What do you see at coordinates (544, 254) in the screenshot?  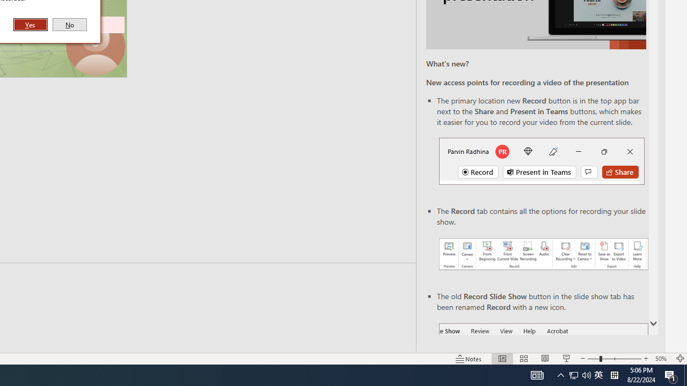 I see `'Record your presentations screenshot one'` at bounding box center [544, 254].